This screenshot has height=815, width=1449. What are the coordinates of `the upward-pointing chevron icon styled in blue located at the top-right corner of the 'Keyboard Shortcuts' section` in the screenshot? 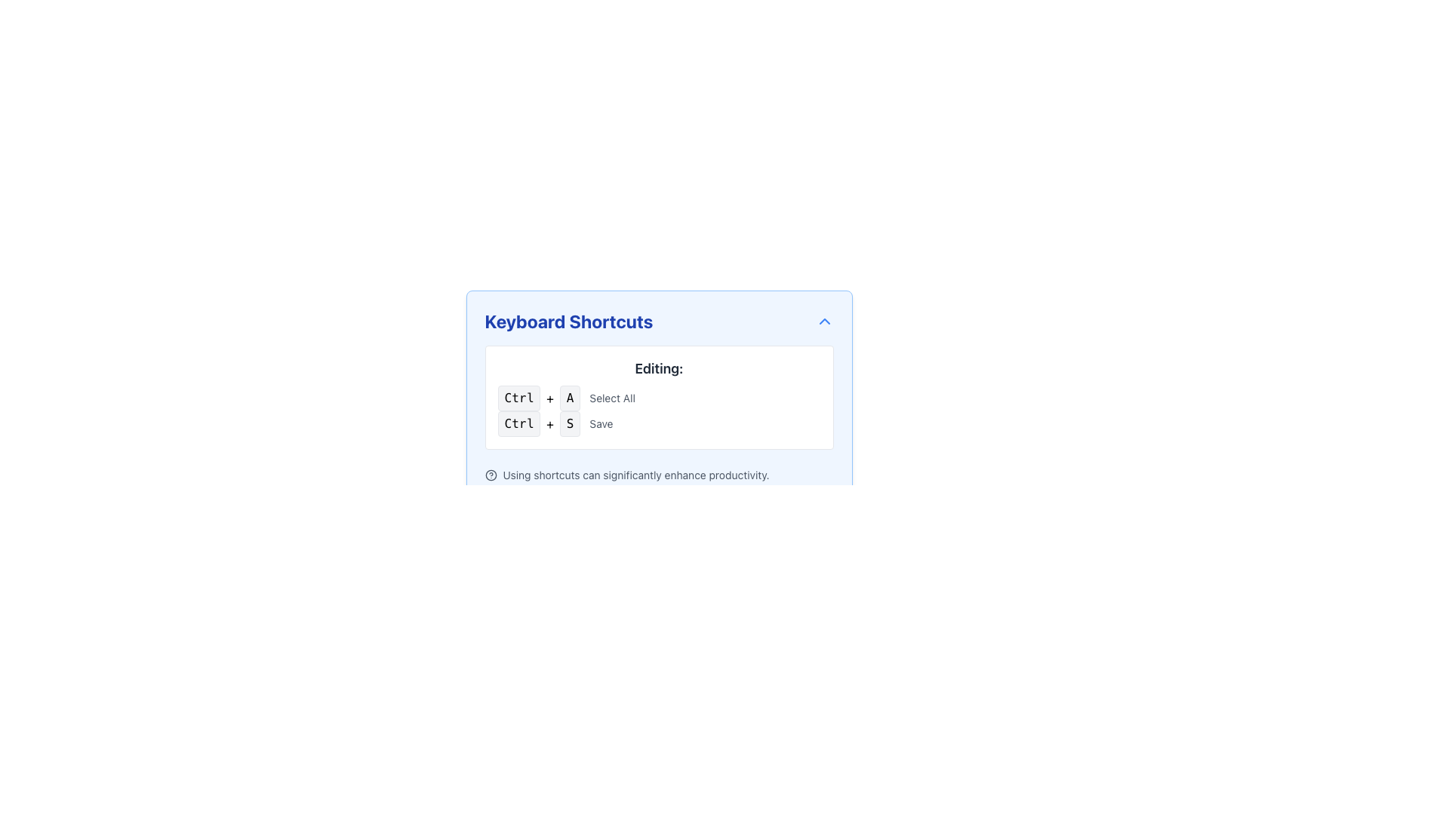 It's located at (823, 320).